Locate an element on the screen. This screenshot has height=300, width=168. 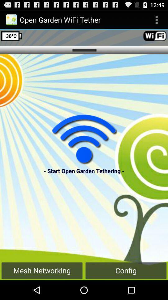
start item is located at coordinates (84, 139).